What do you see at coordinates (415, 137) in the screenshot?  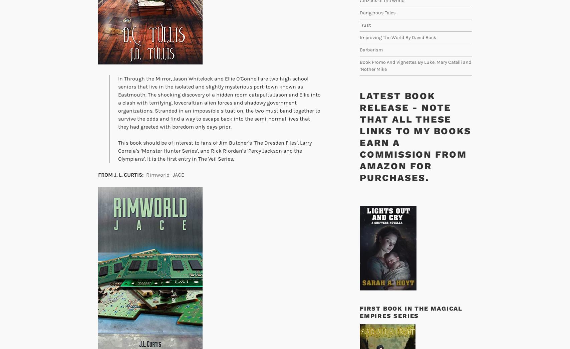 I see `'Latest Book release - note that all these links to my books earn a commission from Amazon for purchases.'` at bounding box center [415, 137].